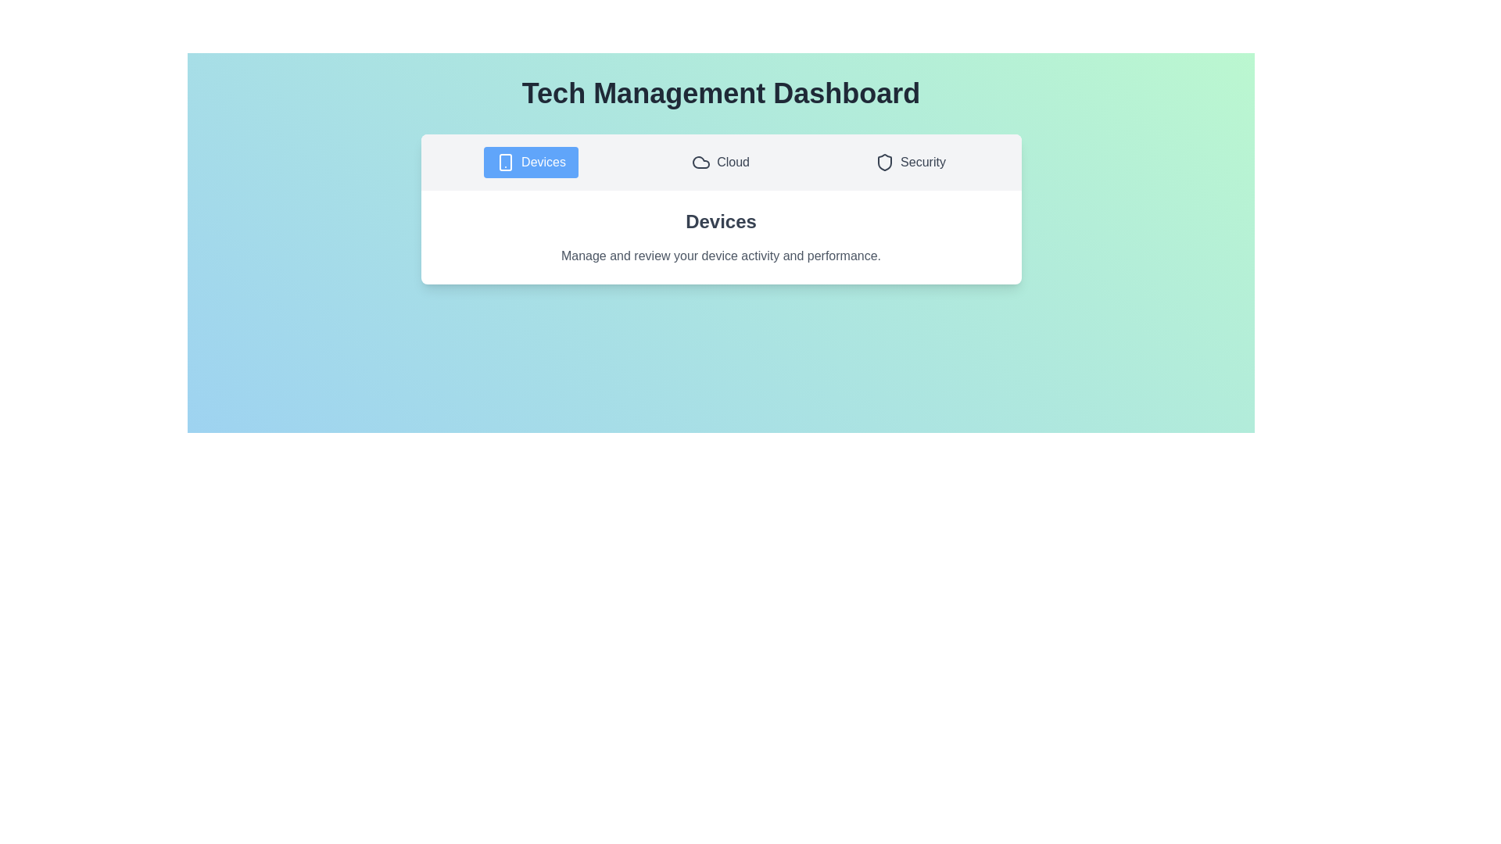 This screenshot has width=1501, height=844. I want to click on the tab labeled Devices to observe its hover effect, so click(531, 163).